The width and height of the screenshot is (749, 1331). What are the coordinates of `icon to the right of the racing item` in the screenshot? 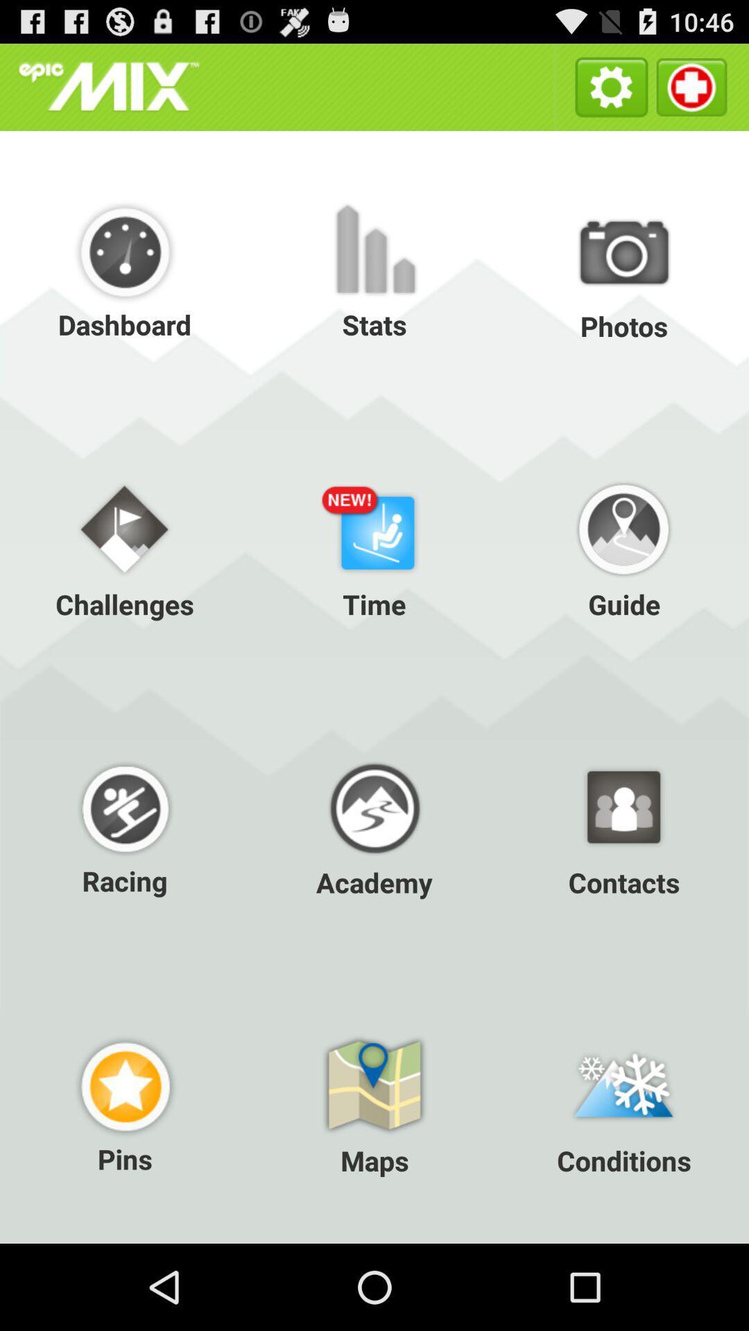 It's located at (374, 826).